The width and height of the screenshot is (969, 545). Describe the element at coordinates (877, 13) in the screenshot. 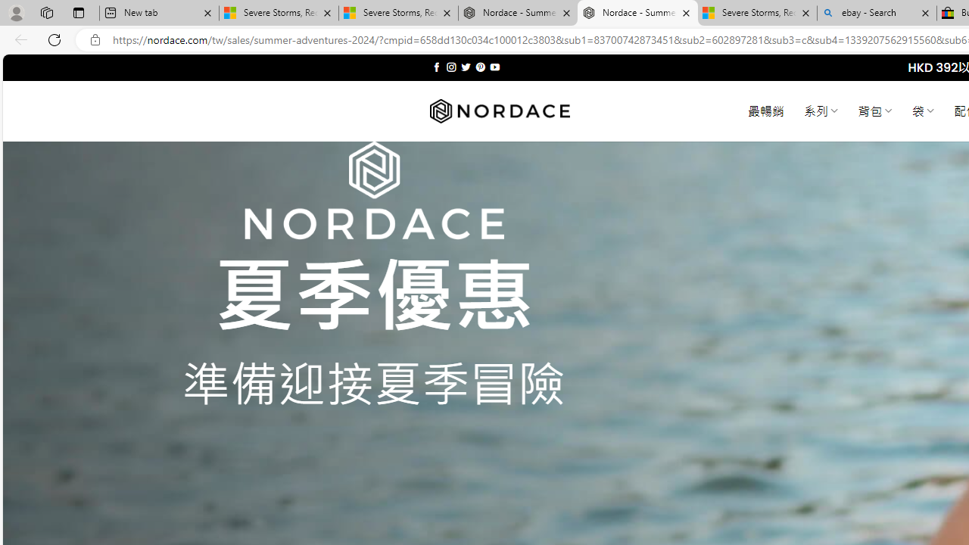

I see `'ebay - Search'` at that location.